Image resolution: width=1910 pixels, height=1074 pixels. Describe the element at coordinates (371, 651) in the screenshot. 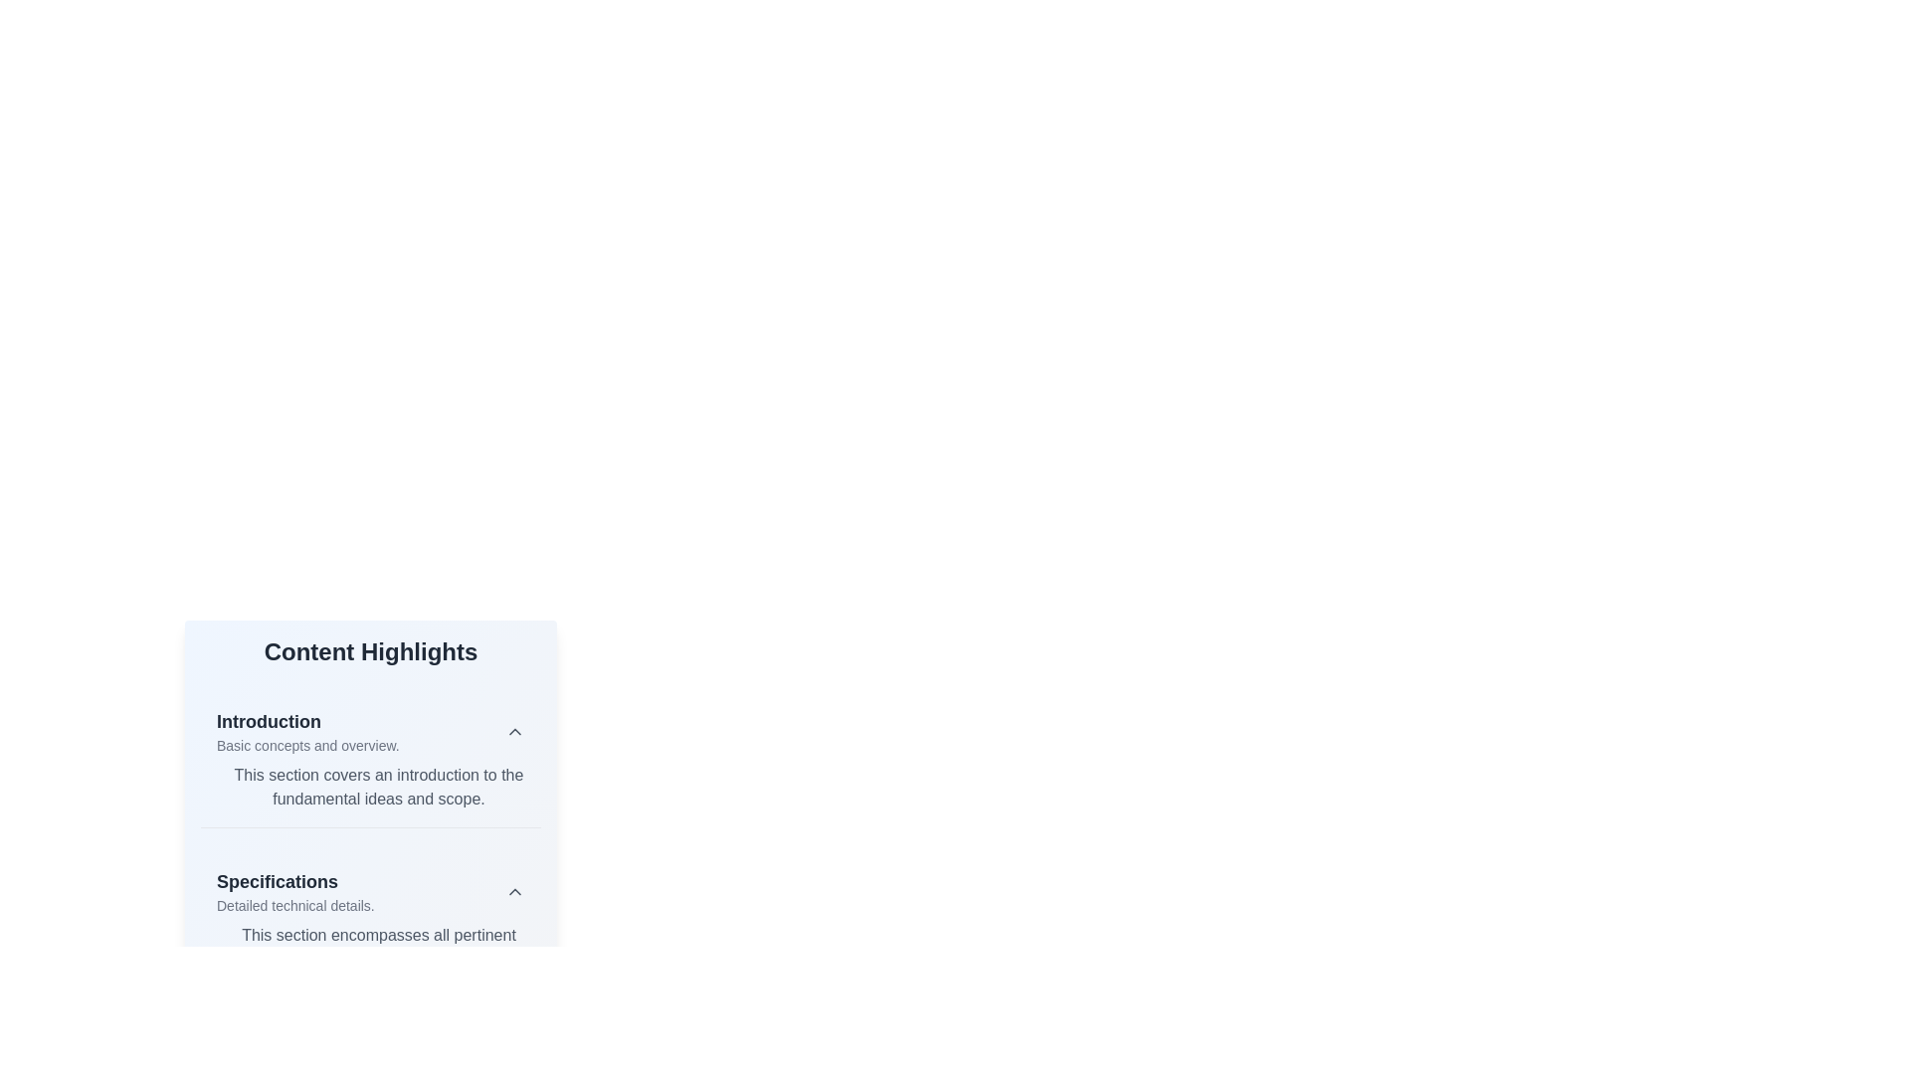

I see `title text 'Content Highlights' that is styled in bold and positioned at the top of its section, centrally aligned and in dark gray color` at that location.